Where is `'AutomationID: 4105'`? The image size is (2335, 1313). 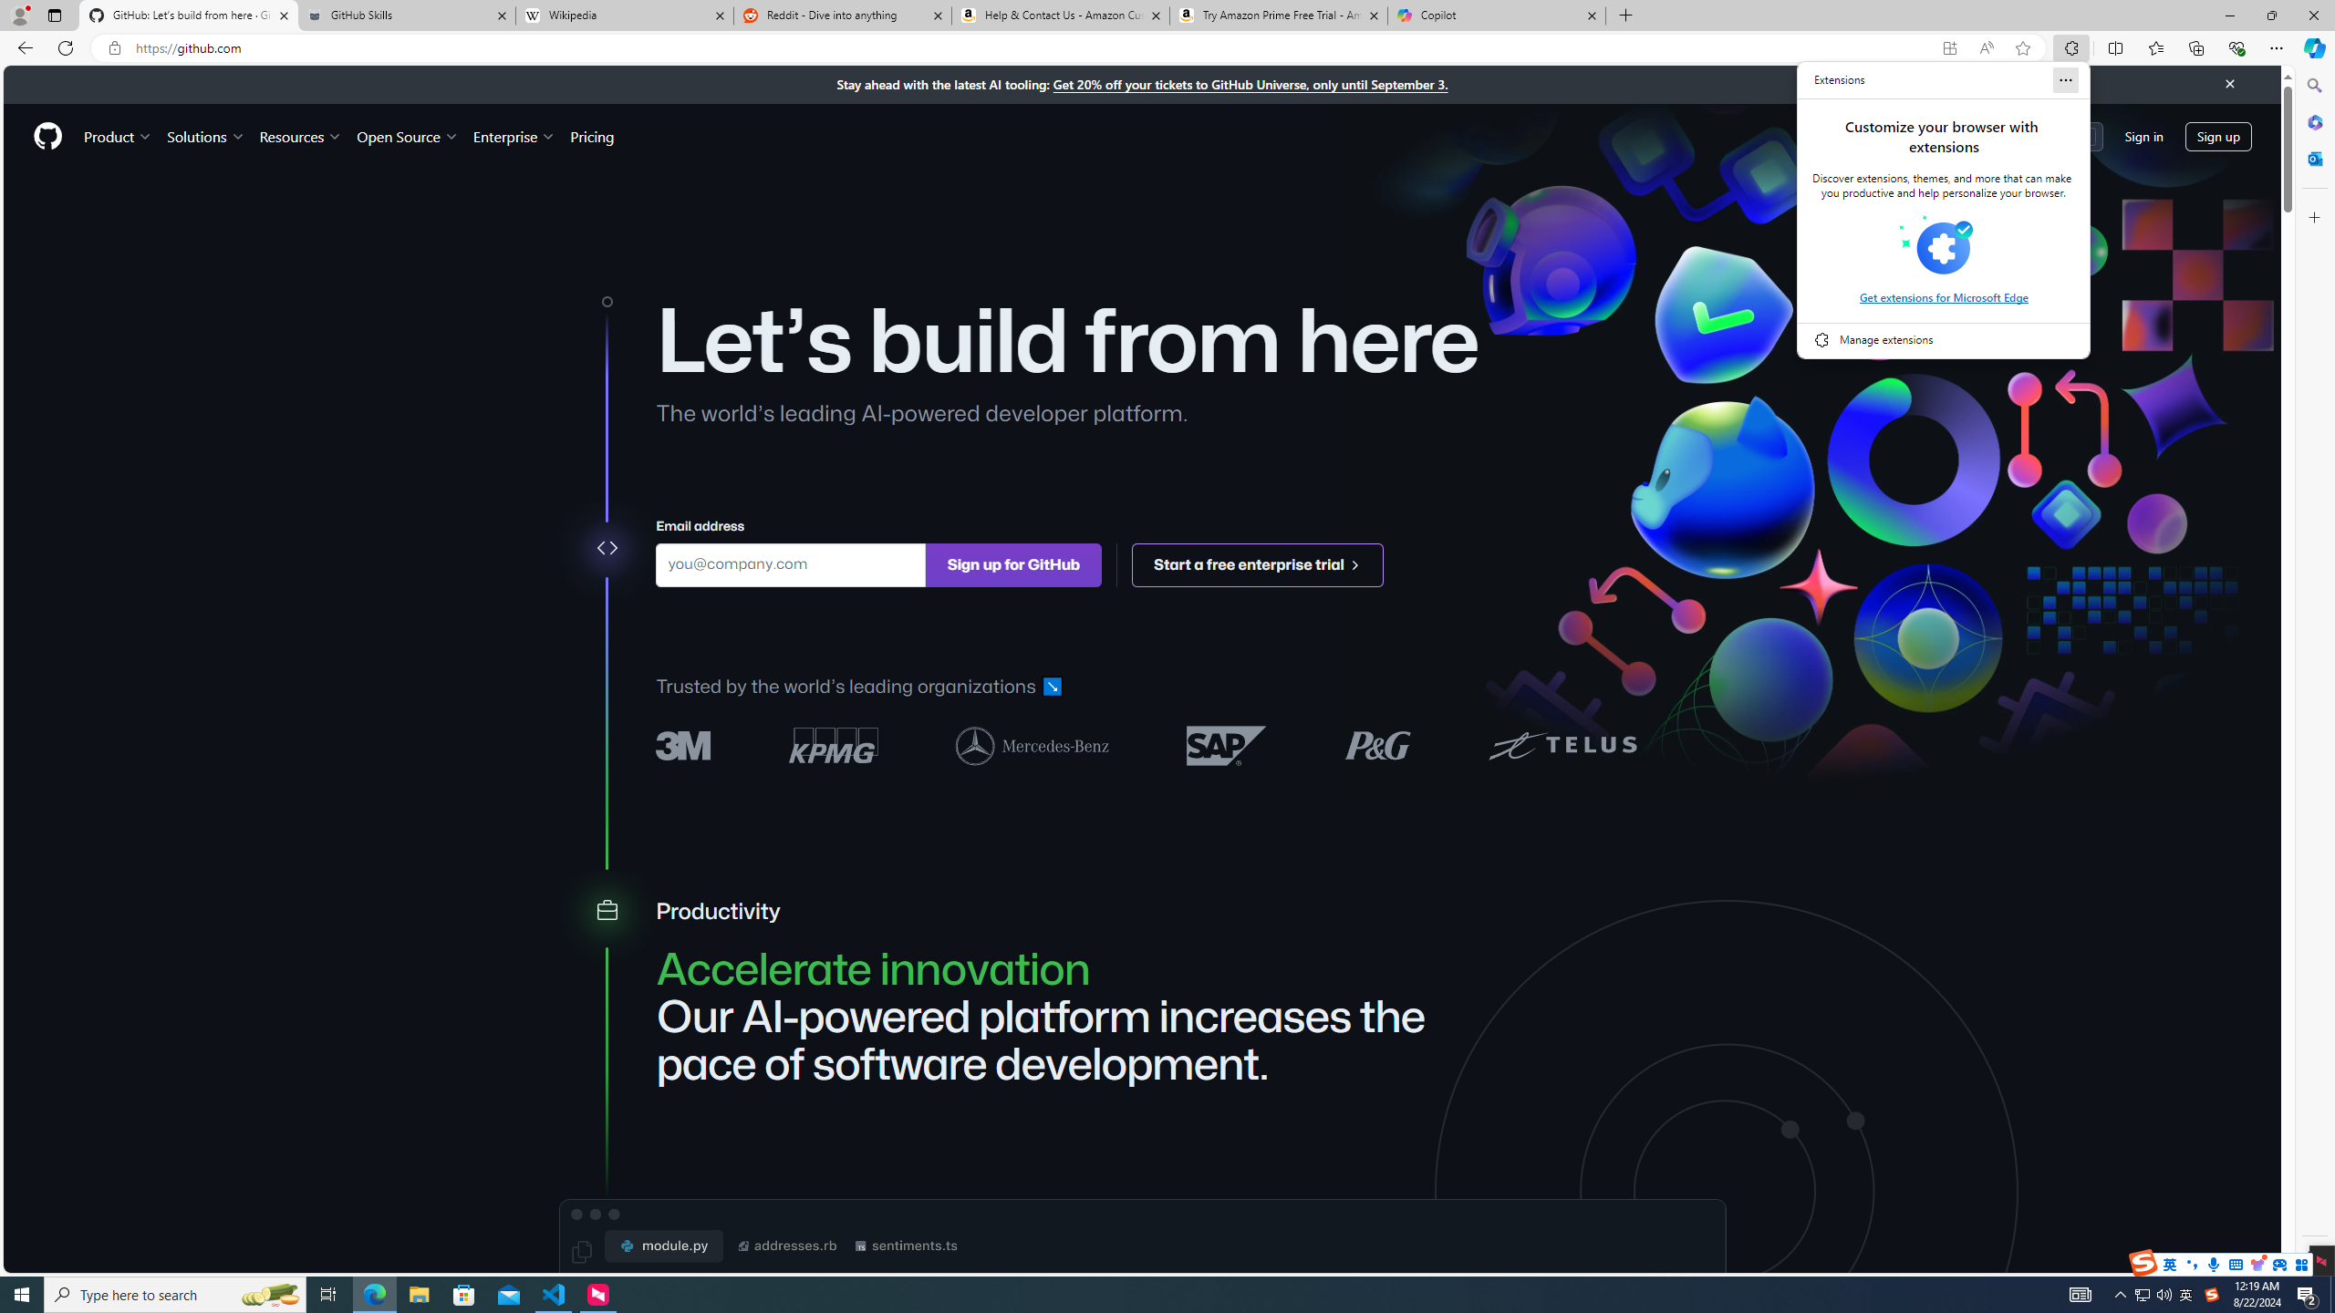
'AutomationID: 4105' is located at coordinates (2079, 1293).